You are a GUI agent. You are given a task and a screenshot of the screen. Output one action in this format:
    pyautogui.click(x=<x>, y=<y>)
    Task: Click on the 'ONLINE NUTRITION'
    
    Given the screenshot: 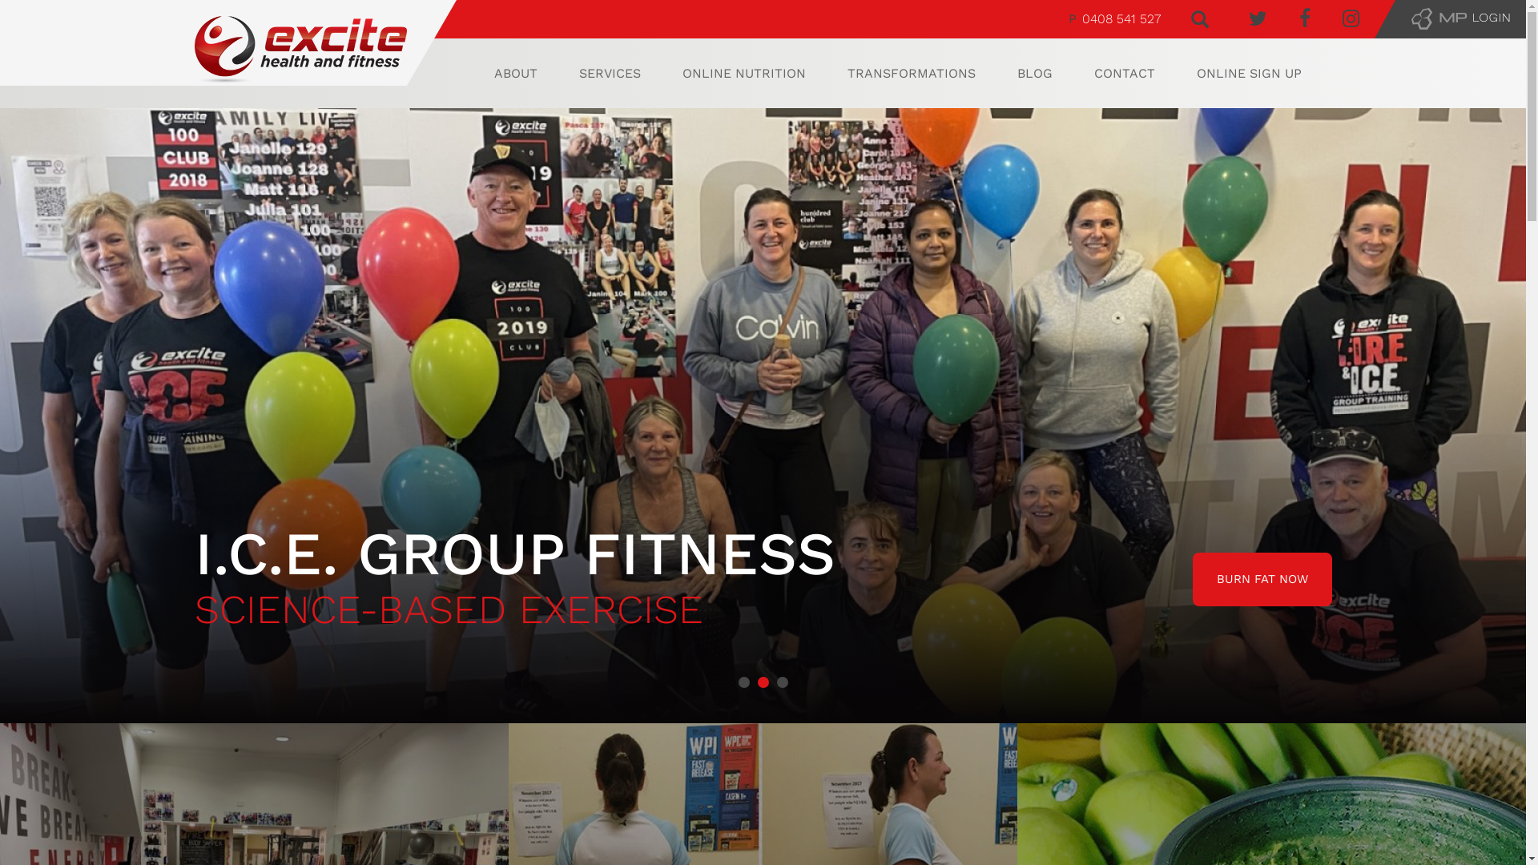 What is the action you would take?
    pyautogui.click(x=743, y=73)
    